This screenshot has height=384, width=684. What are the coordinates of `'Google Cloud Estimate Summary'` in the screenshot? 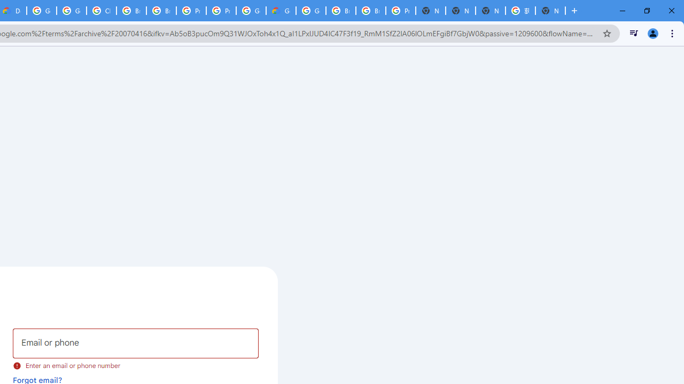 It's located at (281, 11).